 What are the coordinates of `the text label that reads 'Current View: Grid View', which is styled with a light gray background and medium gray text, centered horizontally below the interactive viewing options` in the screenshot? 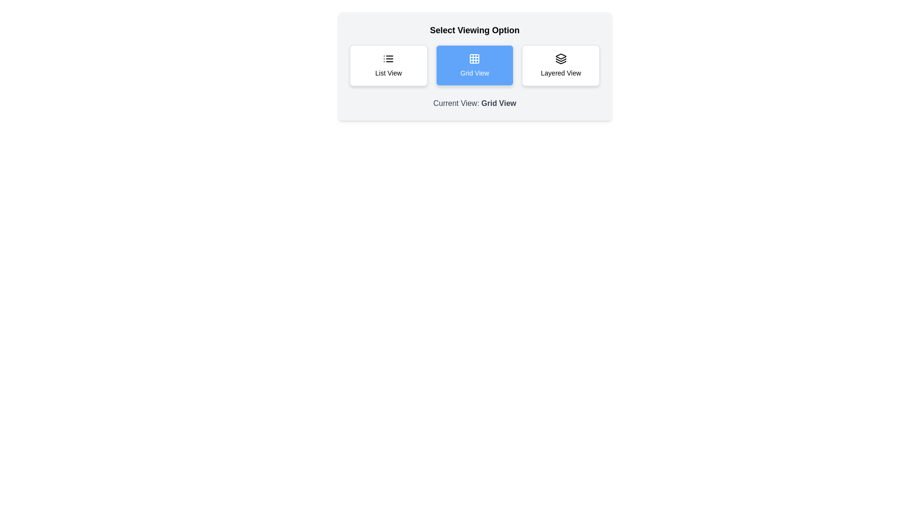 It's located at (475, 104).